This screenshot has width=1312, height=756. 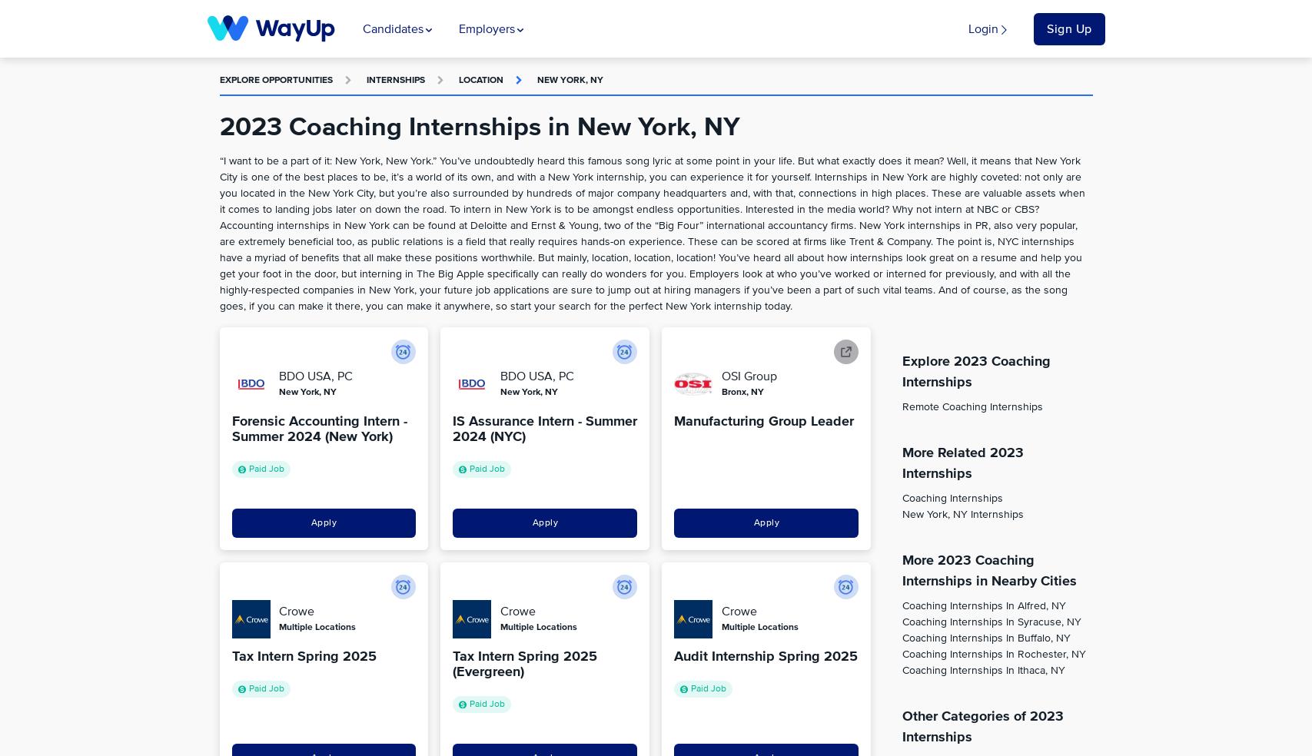 What do you see at coordinates (544, 428) in the screenshot?
I see `'IS Assurance Intern - Summer 2024 (NYC)'` at bounding box center [544, 428].